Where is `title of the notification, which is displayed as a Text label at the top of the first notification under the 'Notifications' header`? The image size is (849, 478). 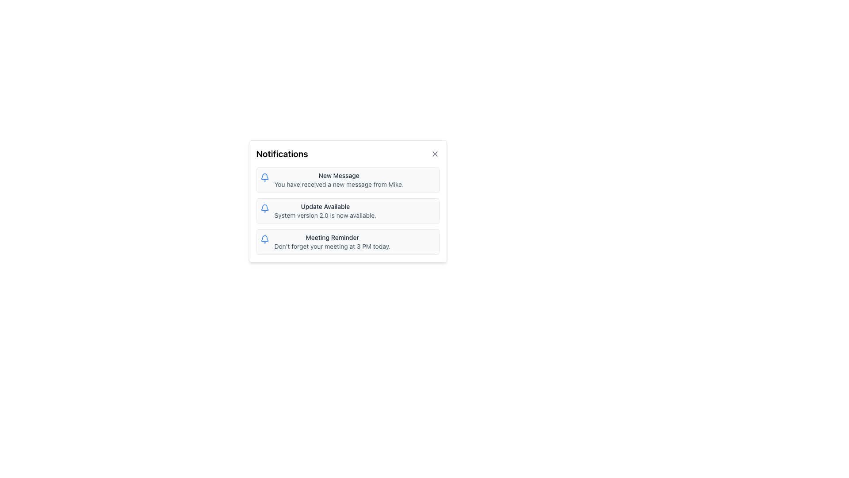
title of the notification, which is displayed as a Text label at the top of the first notification under the 'Notifications' header is located at coordinates (338, 176).